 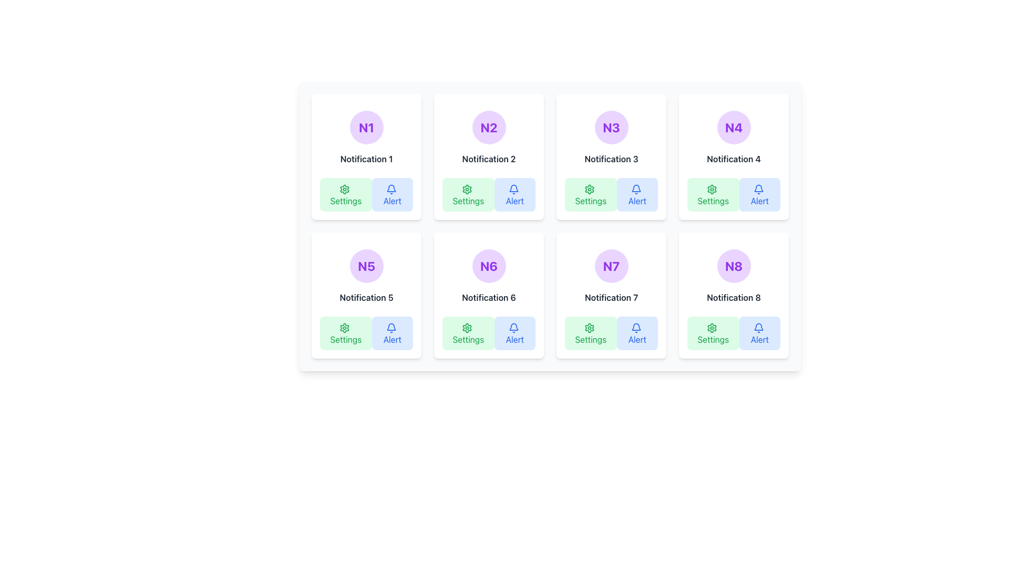 What do you see at coordinates (345, 189) in the screenshot?
I see `the gear icon styled with a green outline located inside the 'Settings' button, which is positioned to the left of the 'Settings' text` at bounding box center [345, 189].